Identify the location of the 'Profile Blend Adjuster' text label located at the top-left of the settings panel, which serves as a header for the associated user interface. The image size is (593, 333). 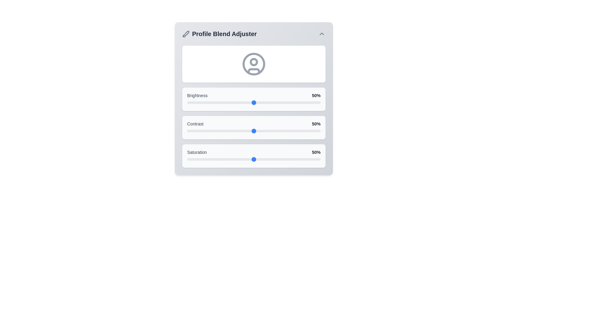
(219, 34).